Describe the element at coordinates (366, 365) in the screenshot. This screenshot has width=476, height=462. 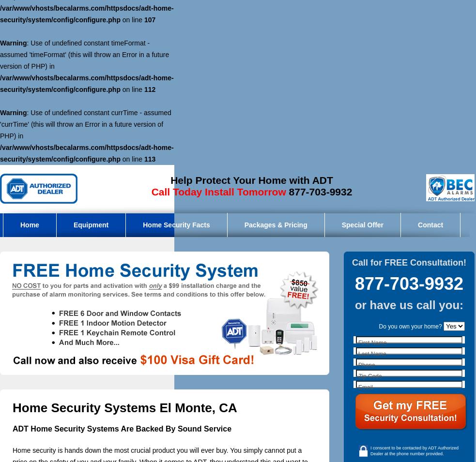
I see `'Phone'` at that location.